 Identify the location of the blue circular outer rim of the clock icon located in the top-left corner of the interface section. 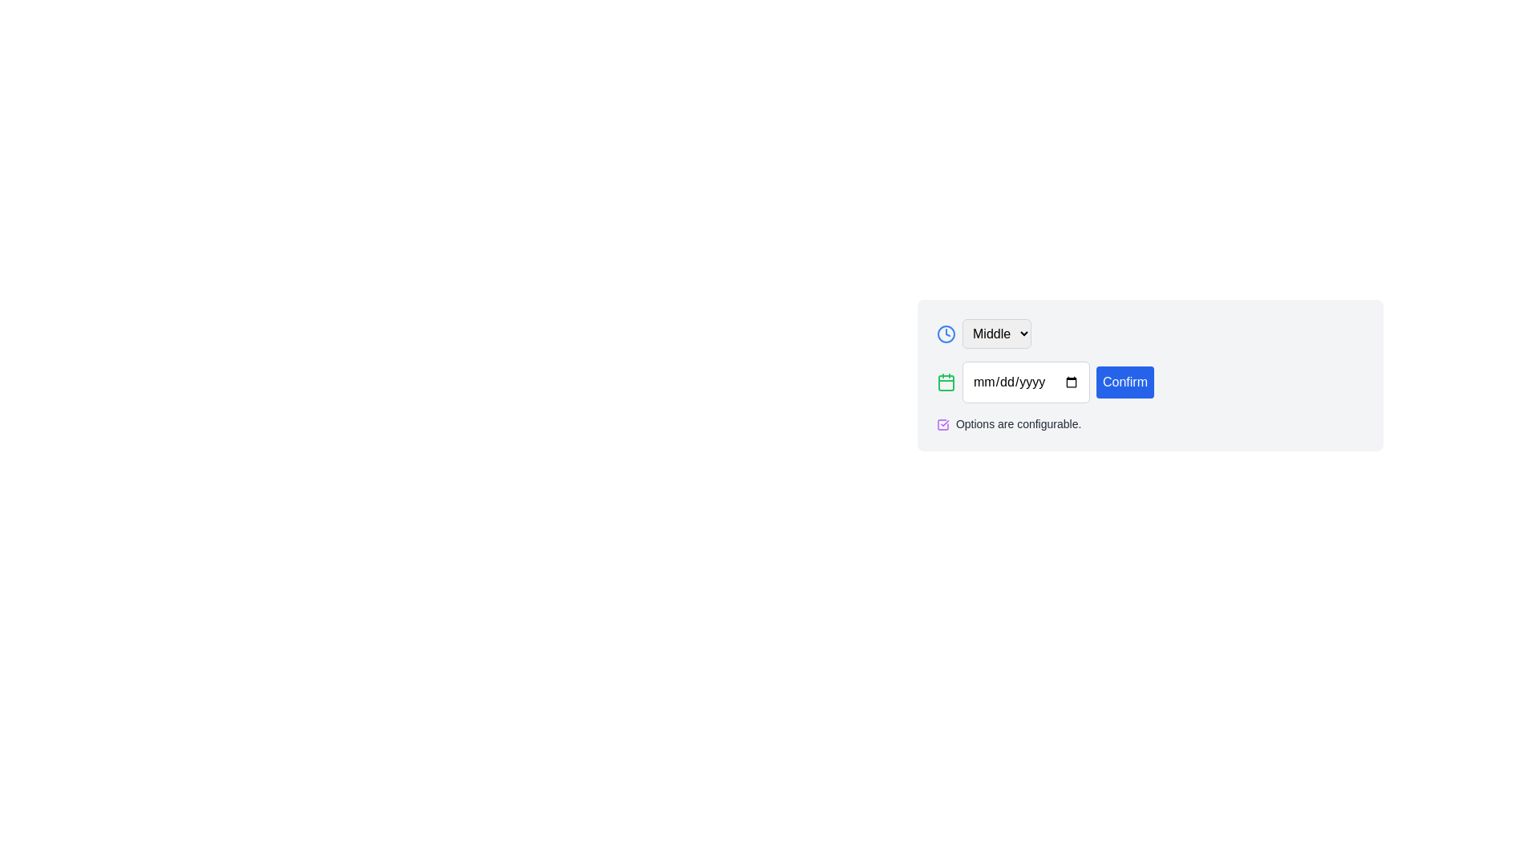
(946, 333).